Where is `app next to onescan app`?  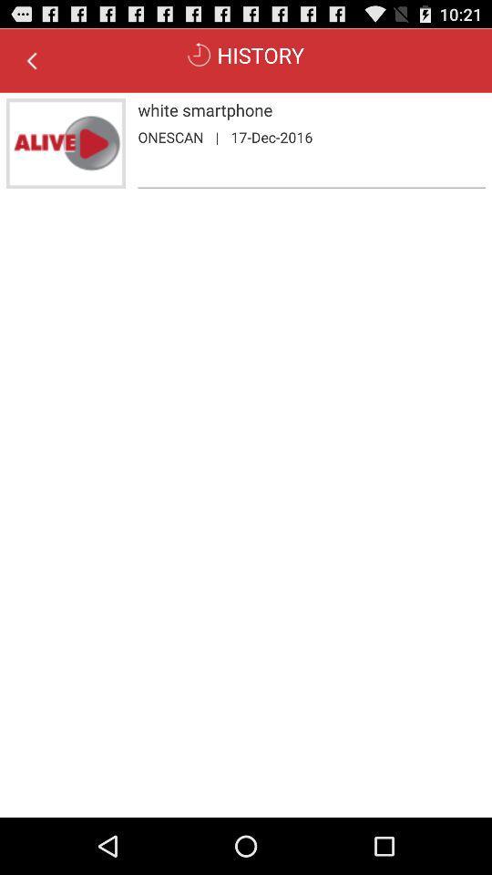 app next to onescan app is located at coordinates (217, 136).